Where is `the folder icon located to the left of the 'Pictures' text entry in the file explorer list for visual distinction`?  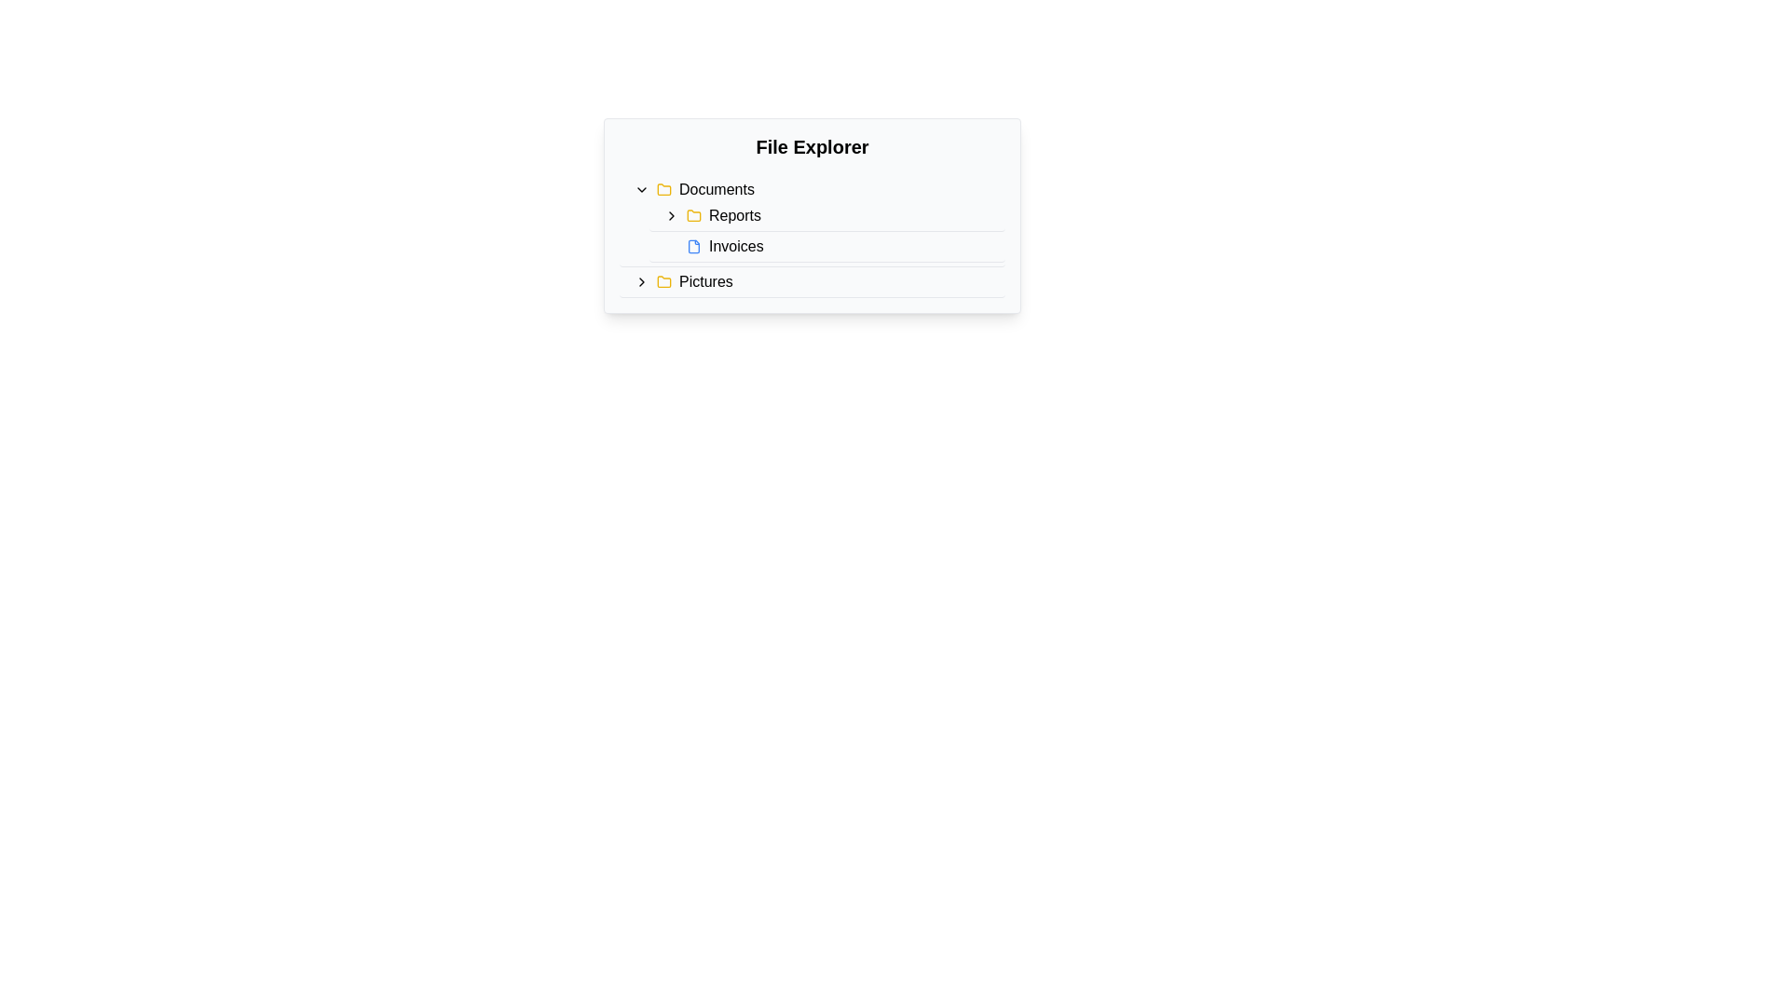 the folder icon located to the left of the 'Pictures' text entry in the file explorer list for visual distinction is located at coordinates (664, 280).